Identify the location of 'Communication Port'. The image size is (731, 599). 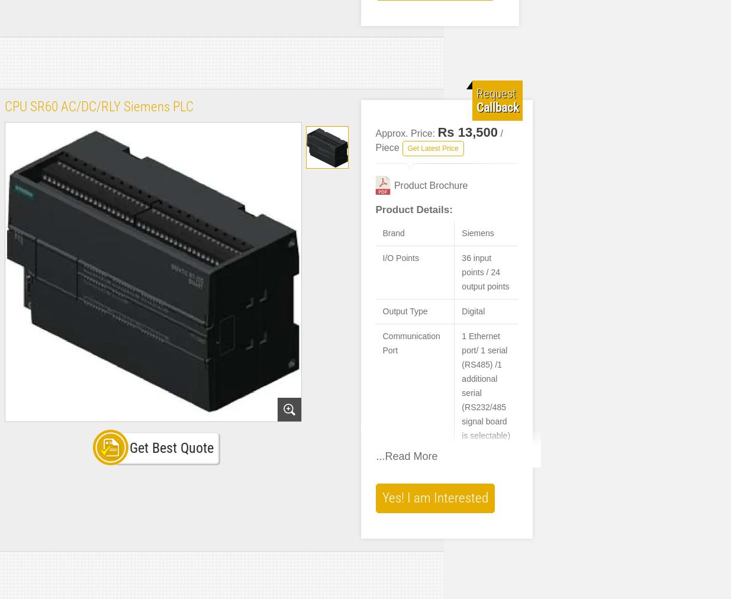
(382, 342).